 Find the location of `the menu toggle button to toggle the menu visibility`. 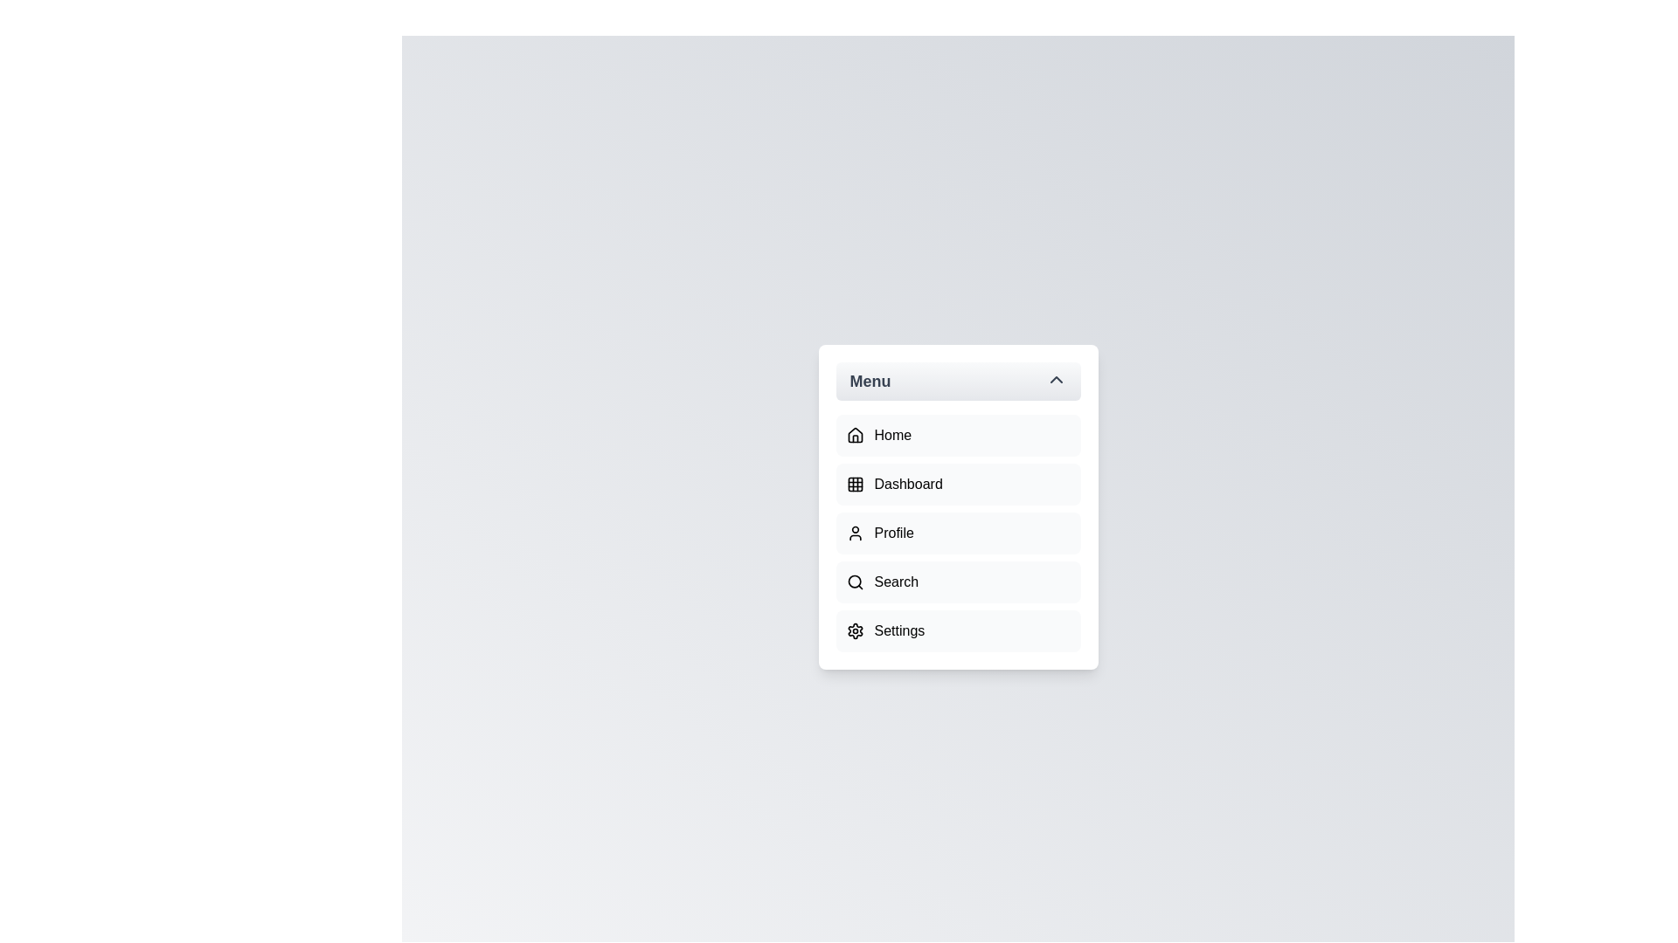

the menu toggle button to toggle the menu visibility is located at coordinates (957, 380).